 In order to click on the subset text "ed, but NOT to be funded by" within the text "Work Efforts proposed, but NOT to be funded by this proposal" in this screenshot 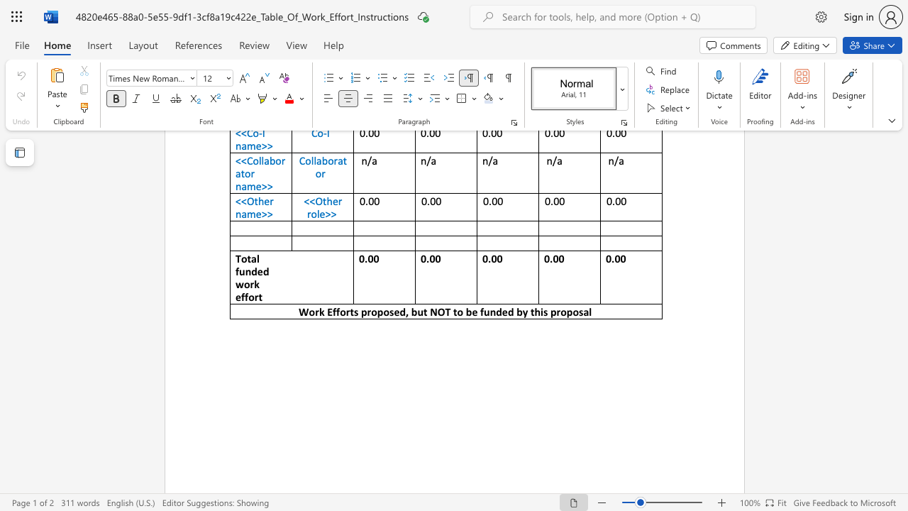, I will do `click(394, 311)`.